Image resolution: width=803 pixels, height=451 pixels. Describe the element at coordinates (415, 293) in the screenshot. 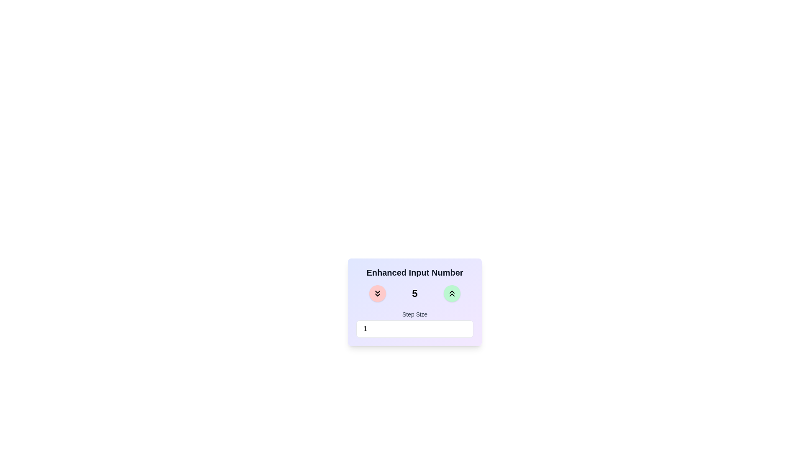

I see `displayed numeral '5' which is centrally located within the 'Enhanced Input Number' card, surrounded by increment and decrement buttons` at that location.